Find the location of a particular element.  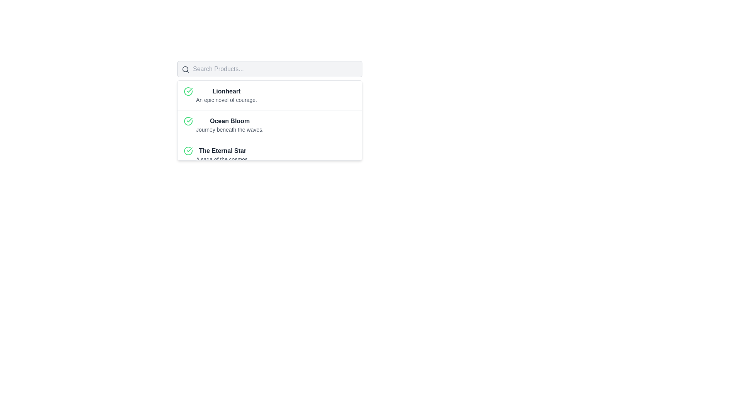

the text block containing the title 'The Eternal Star' and subtitle 'A saga of the cosmos.', which is the third listing in a vertical list, located below 'Ocean Bloom' is located at coordinates (222, 155).